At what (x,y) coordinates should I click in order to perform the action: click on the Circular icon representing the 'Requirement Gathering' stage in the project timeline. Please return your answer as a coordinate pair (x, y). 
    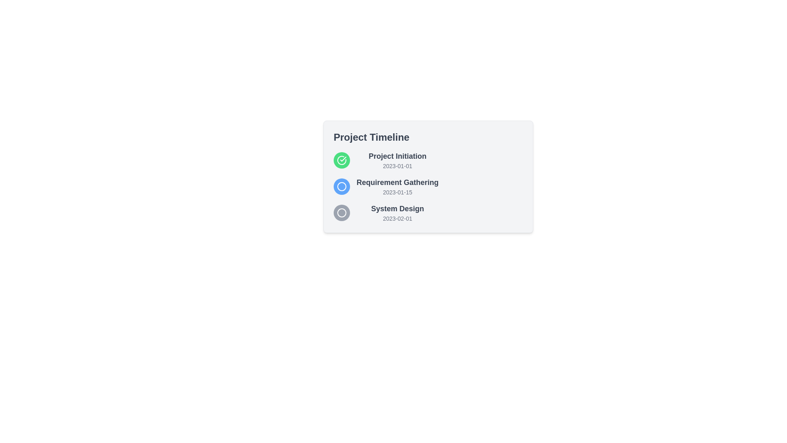
    Looking at the image, I should click on (342, 187).